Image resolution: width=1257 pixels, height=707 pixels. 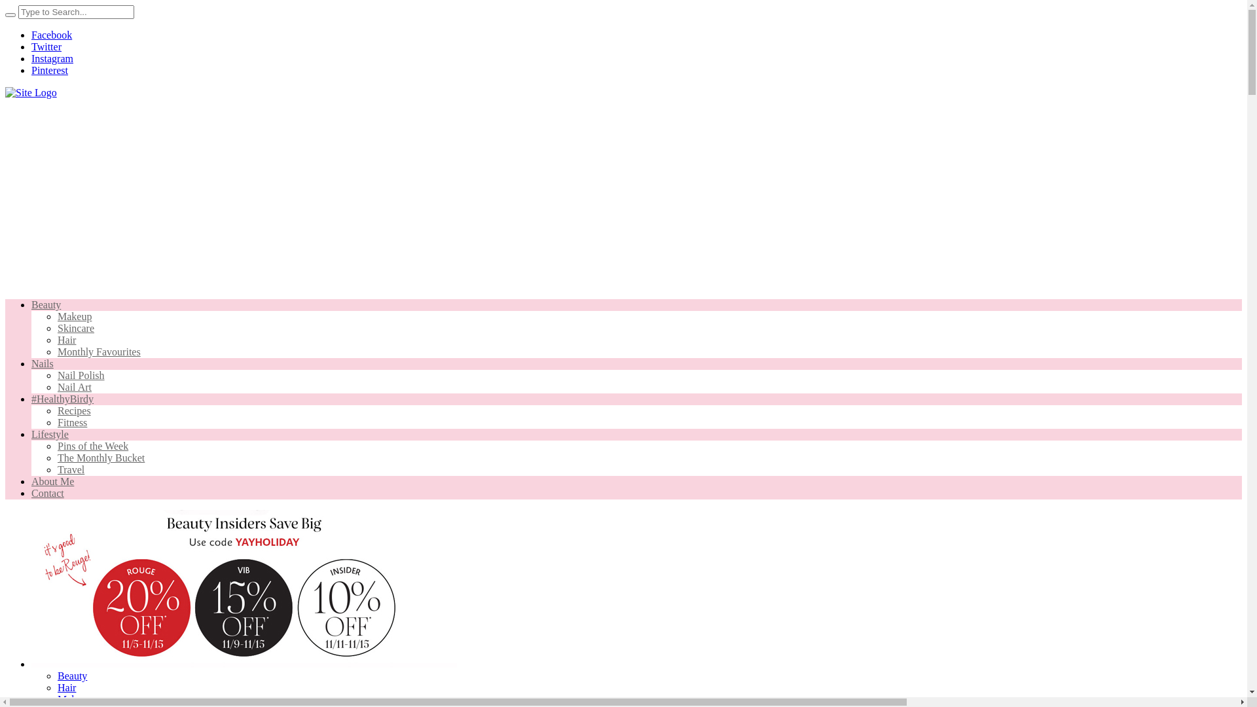 I want to click on 'Hair', so click(x=65, y=339).